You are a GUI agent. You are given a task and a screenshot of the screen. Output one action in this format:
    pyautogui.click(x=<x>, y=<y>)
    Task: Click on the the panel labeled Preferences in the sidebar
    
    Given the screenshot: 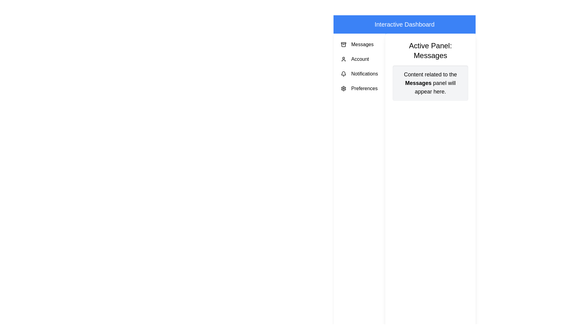 What is the action you would take?
    pyautogui.click(x=359, y=88)
    